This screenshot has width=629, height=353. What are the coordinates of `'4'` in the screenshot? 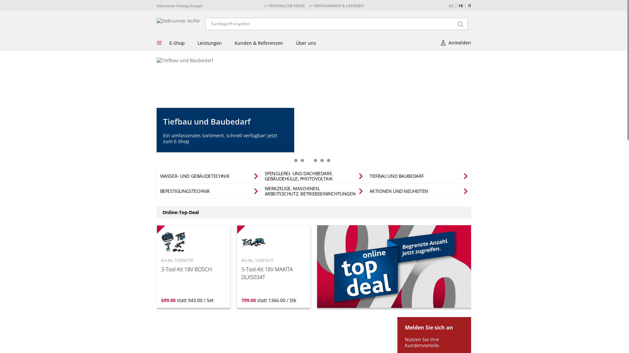 It's located at (314, 160).